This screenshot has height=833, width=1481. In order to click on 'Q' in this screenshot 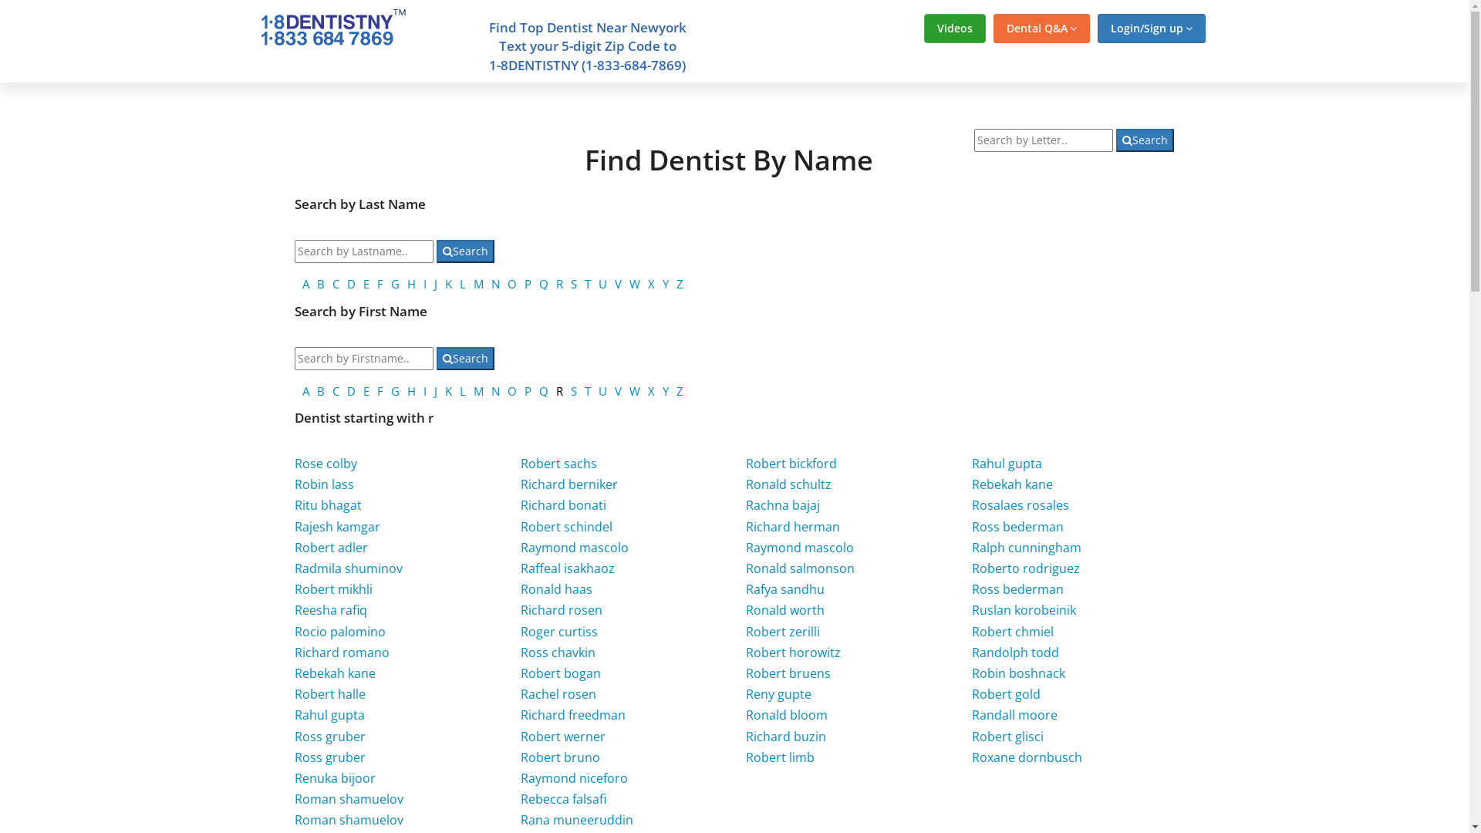, I will do `click(539, 390)`.